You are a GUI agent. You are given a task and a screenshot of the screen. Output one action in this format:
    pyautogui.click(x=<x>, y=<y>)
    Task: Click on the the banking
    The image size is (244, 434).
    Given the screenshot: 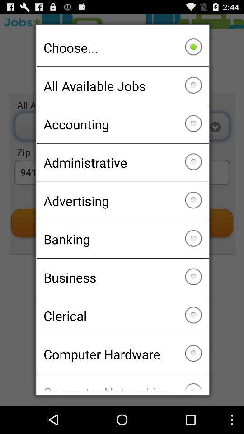 What is the action you would take?
    pyautogui.click(x=122, y=239)
    